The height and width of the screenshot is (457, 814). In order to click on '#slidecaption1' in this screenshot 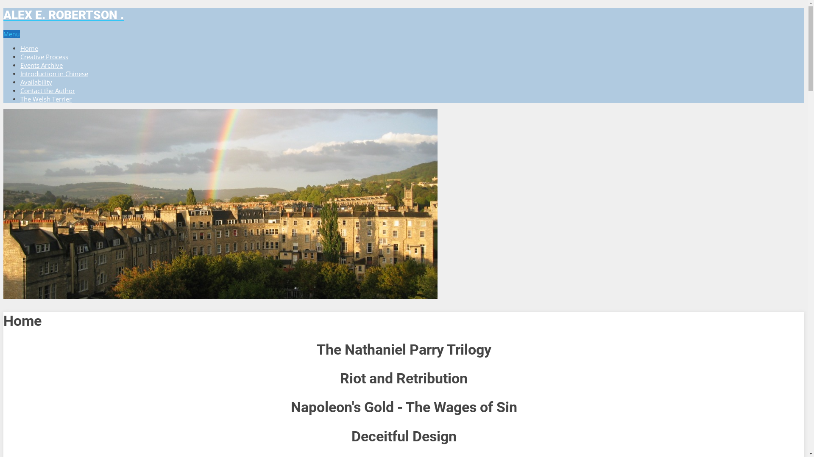, I will do `click(220, 204)`.